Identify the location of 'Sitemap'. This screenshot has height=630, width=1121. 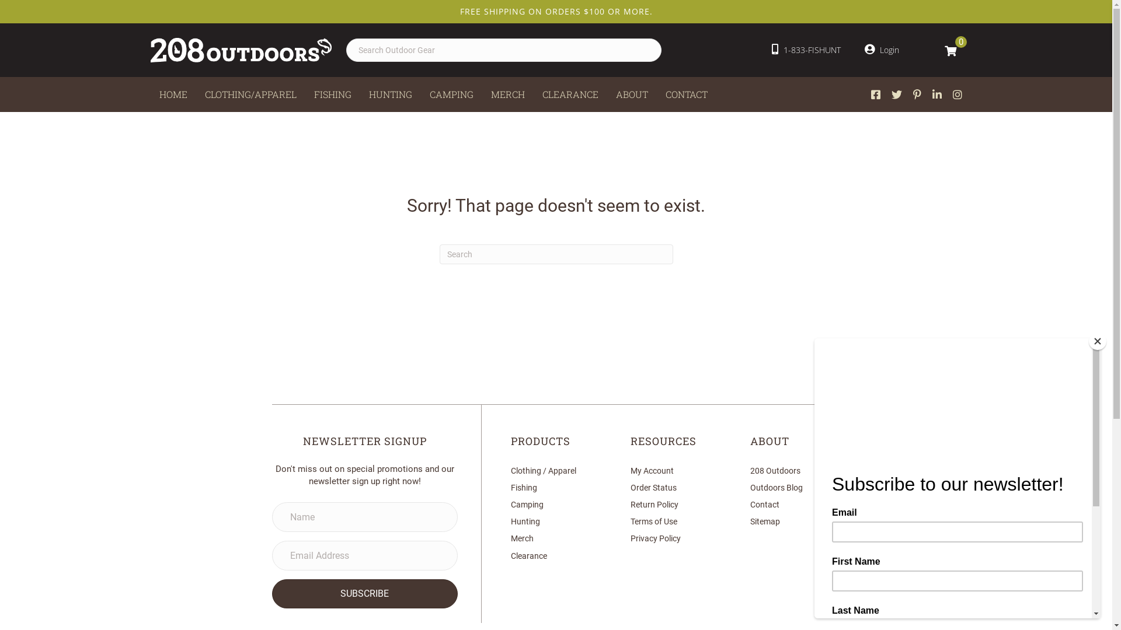
(765, 521).